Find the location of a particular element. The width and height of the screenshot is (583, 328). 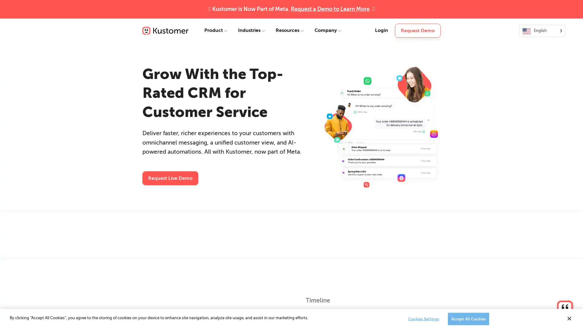

Cookies Settings is located at coordinates (423, 318).